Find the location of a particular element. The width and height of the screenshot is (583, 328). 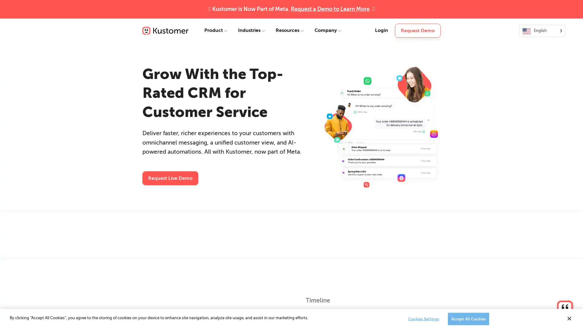

Cookies Settings is located at coordinates (423, 318).